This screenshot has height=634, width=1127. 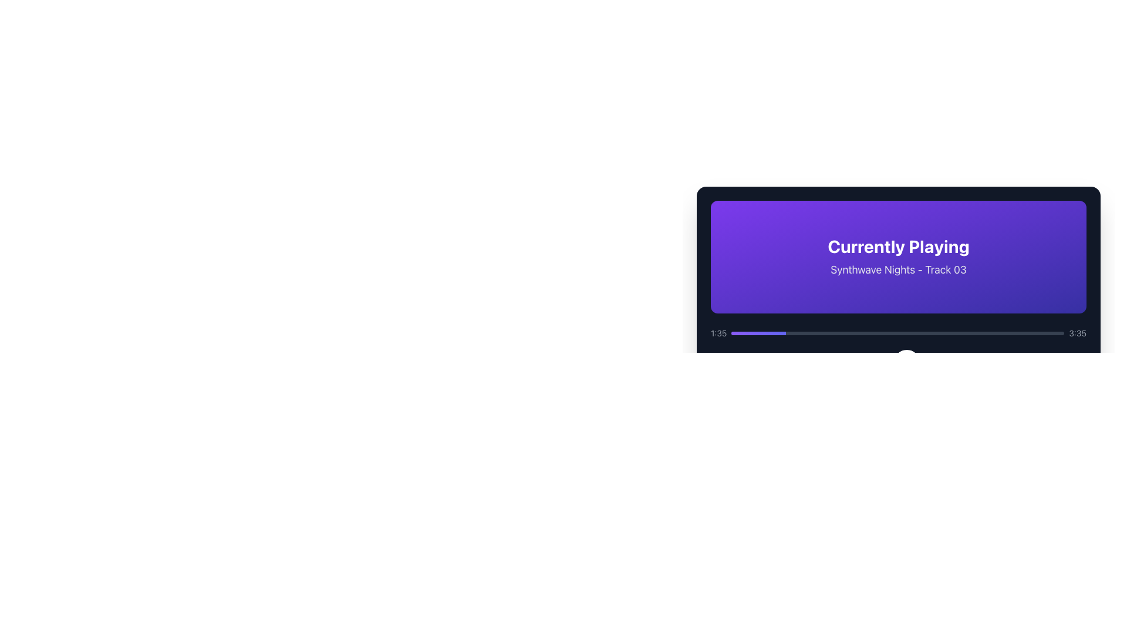 I want to click on the playback position, so click(x=756, y=333).